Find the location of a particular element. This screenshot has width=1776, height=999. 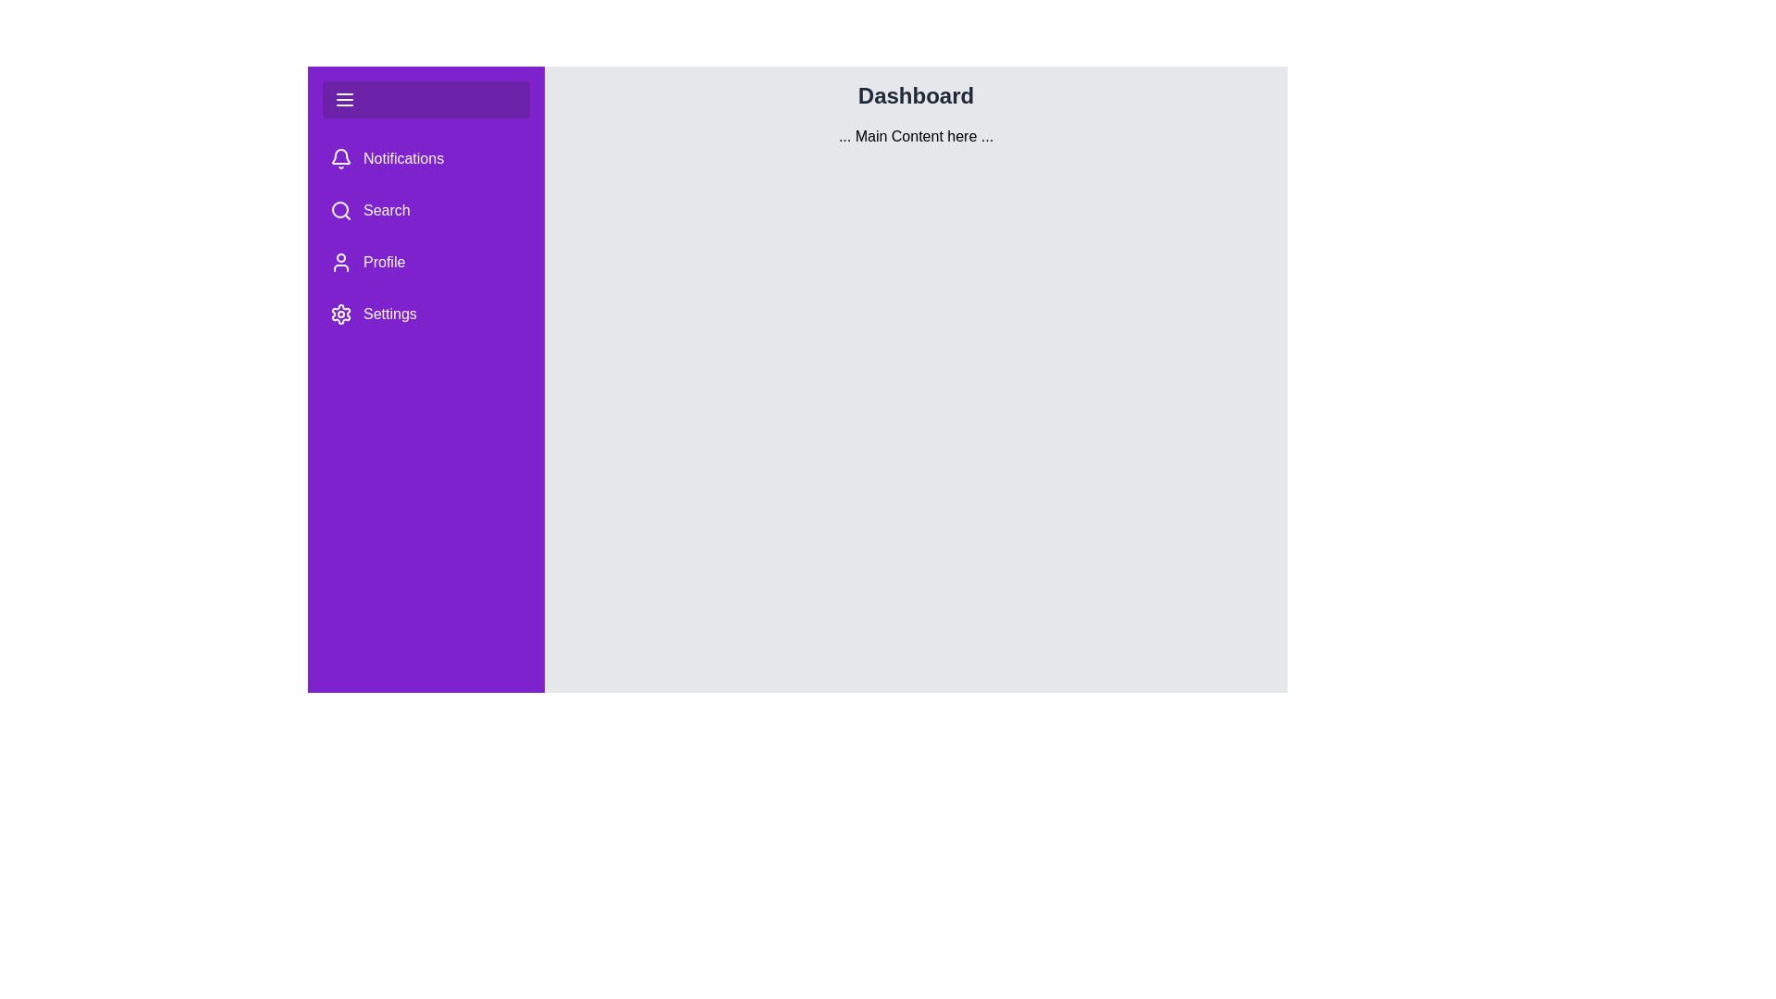

the menu item Search is located at coordinates (425, 209).